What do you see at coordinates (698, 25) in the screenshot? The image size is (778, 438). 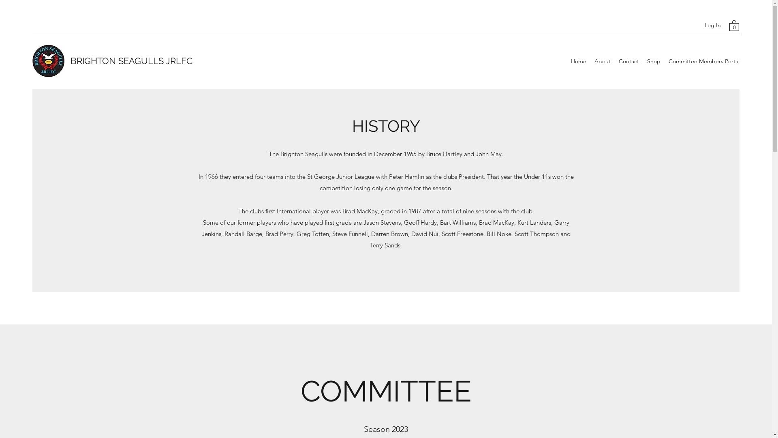 I see `'Log In'` at bounding box center [698, 25].